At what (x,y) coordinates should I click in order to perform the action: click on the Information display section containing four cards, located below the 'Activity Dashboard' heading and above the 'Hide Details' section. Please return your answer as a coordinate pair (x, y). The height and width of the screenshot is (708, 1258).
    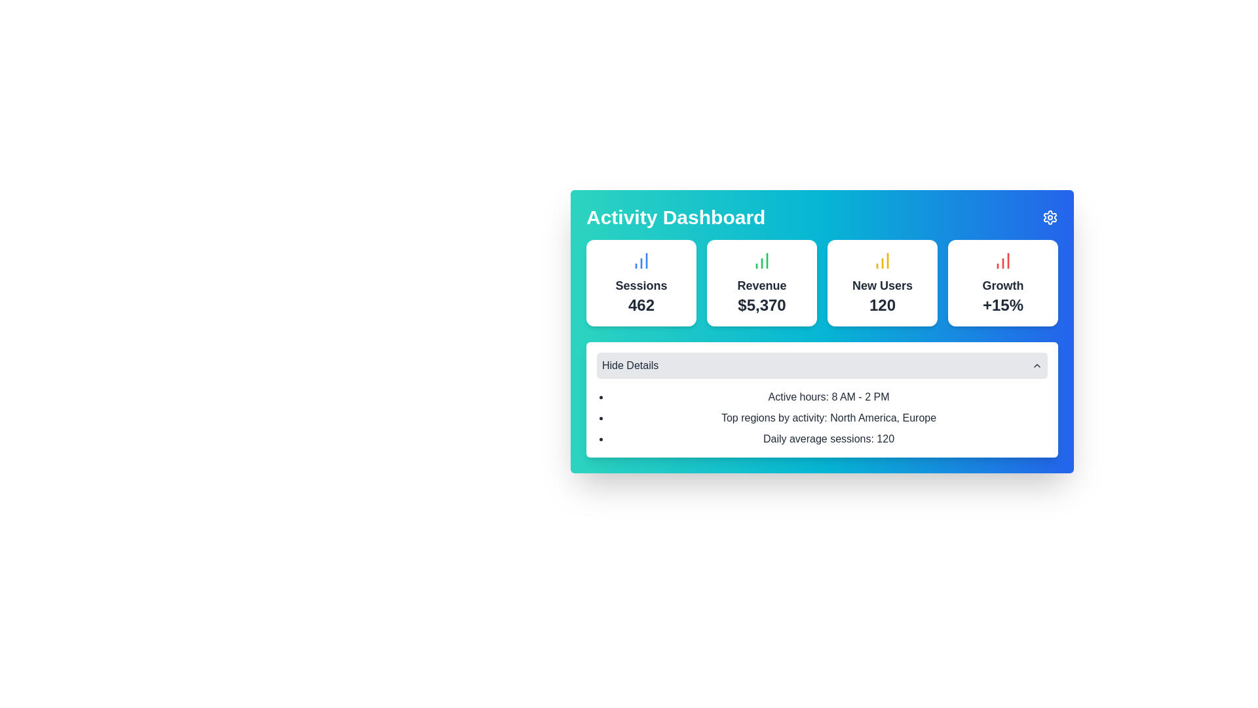
    Looking at the image, I should click on (821, 348).